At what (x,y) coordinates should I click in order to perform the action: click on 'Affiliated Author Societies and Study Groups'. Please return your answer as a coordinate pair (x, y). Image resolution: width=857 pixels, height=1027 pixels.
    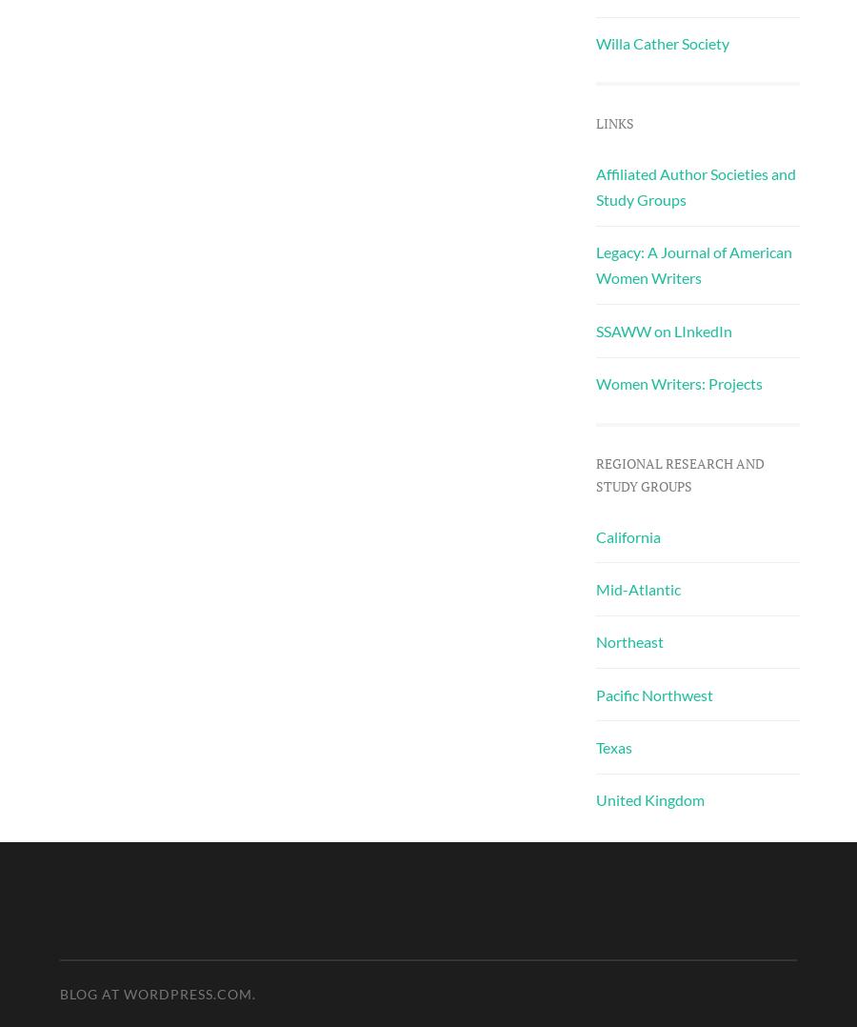
    Looking at the image, I should click on (693, 186).